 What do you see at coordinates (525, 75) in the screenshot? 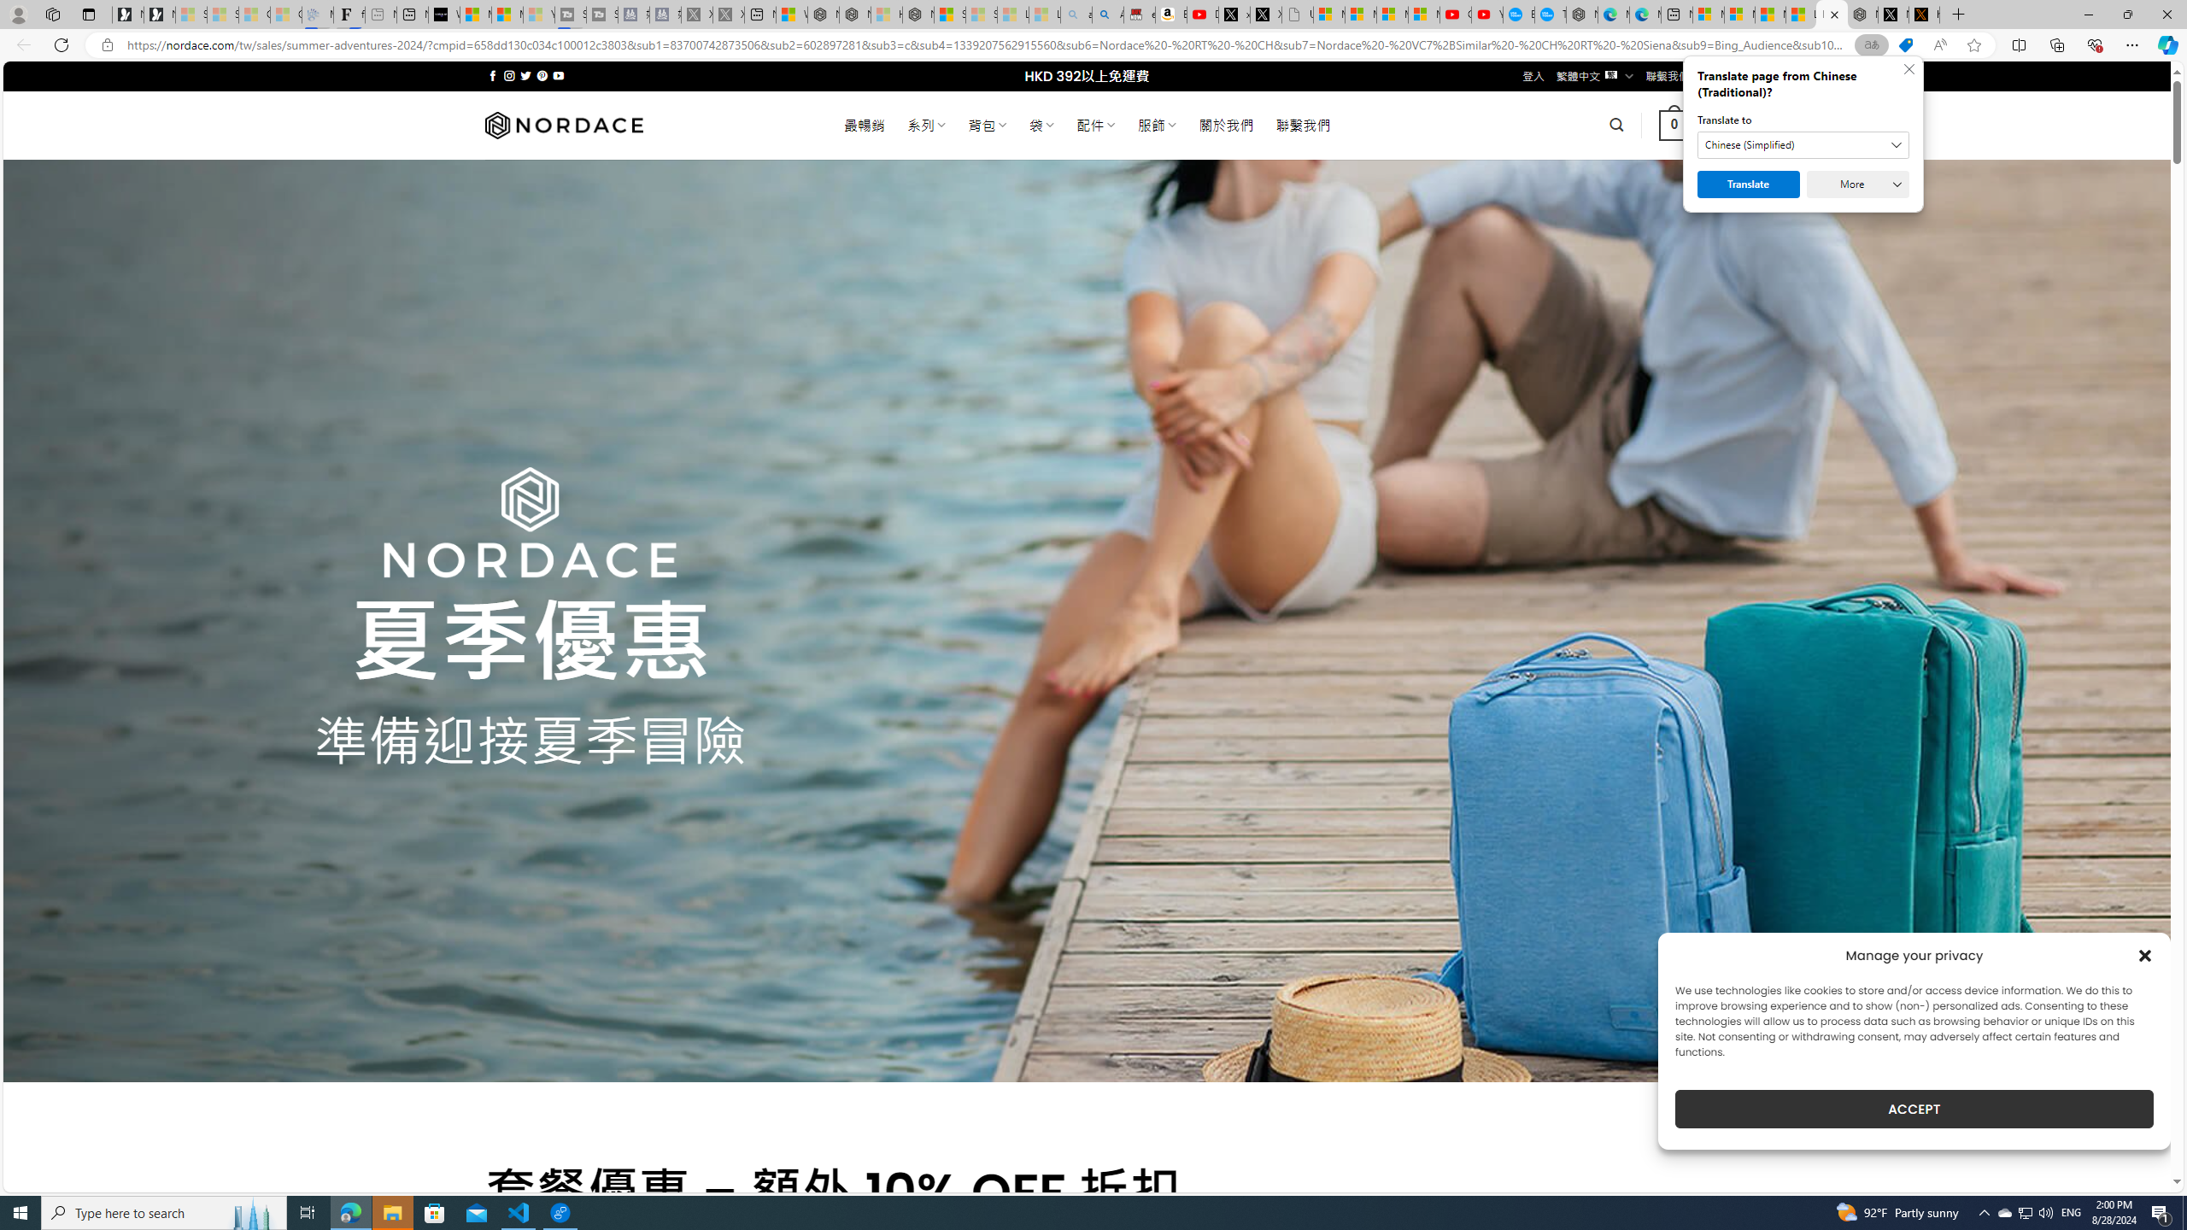
I see `'Follow on Twitter'` at bounding box center [525, 75].